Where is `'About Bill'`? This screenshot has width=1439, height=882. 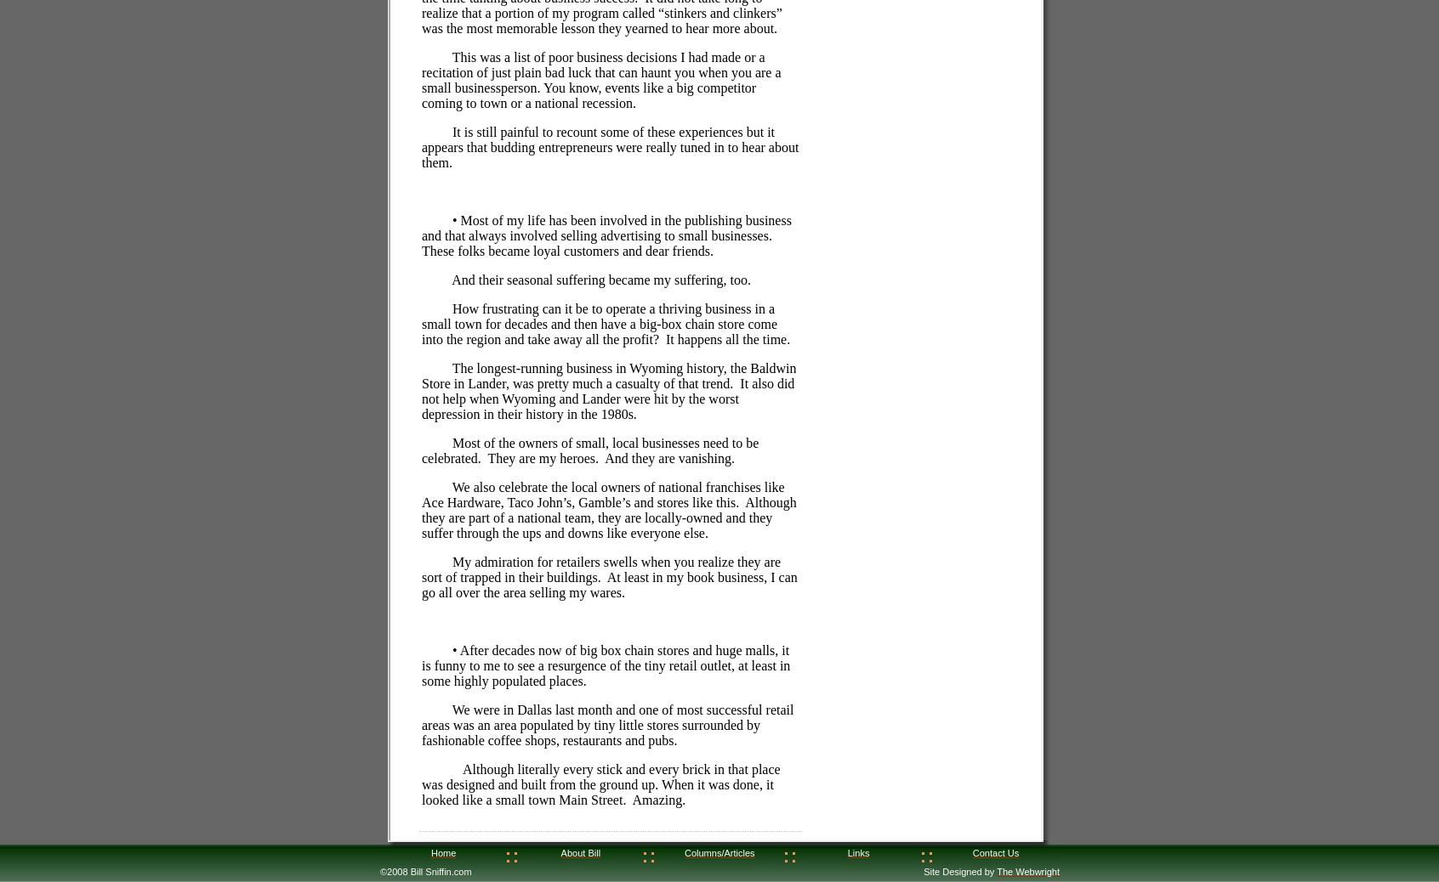 'About Bill' is located at coordinates (580, 852).